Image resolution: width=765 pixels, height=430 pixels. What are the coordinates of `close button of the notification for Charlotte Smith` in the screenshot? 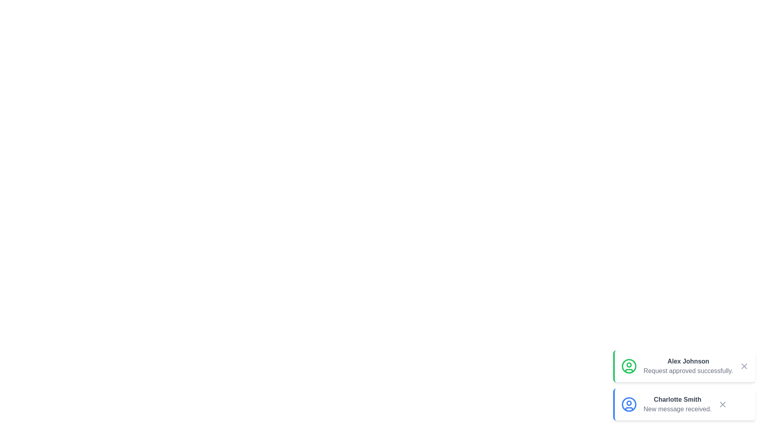 It's located at (723, 404).